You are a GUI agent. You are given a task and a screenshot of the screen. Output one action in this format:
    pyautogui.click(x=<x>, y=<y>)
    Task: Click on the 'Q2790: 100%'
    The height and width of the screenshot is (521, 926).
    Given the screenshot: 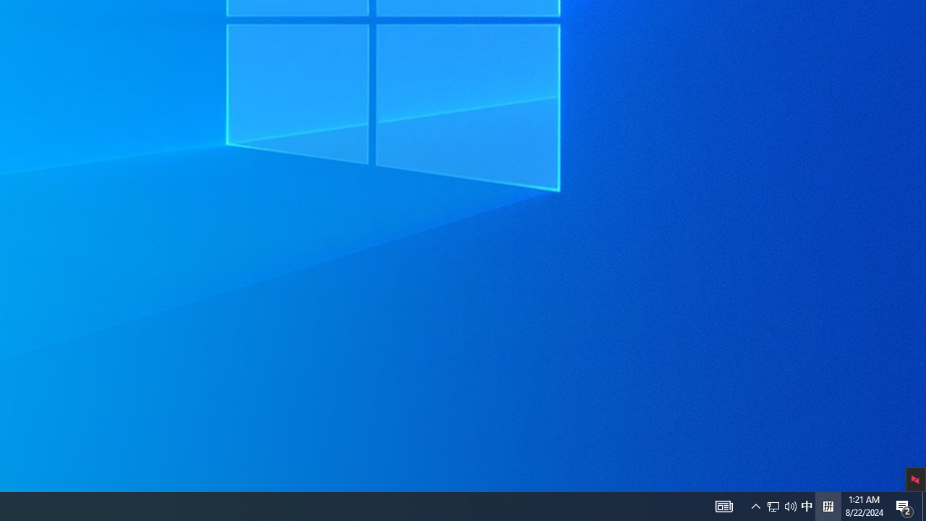 What is the action you would take?
    pyautogui.click(x=773, y=505)
    